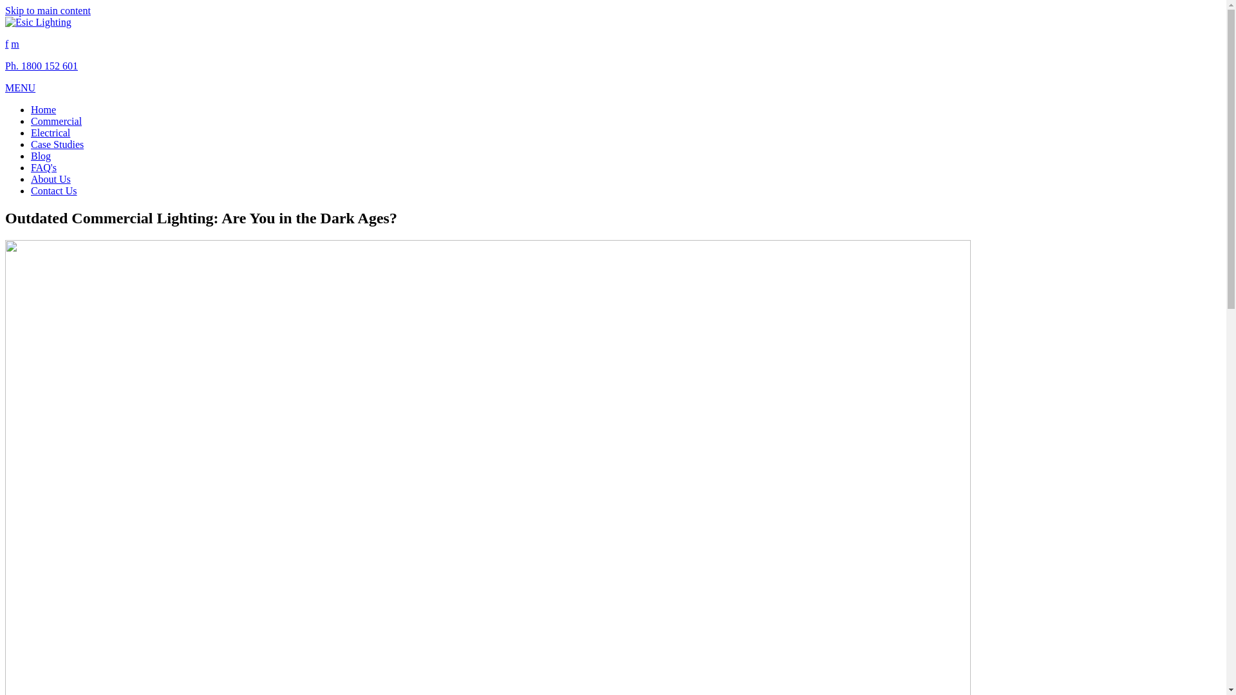 The height and width of the screenshot is (695, 1236). I want to click on 'MENU', so click(20, 87).